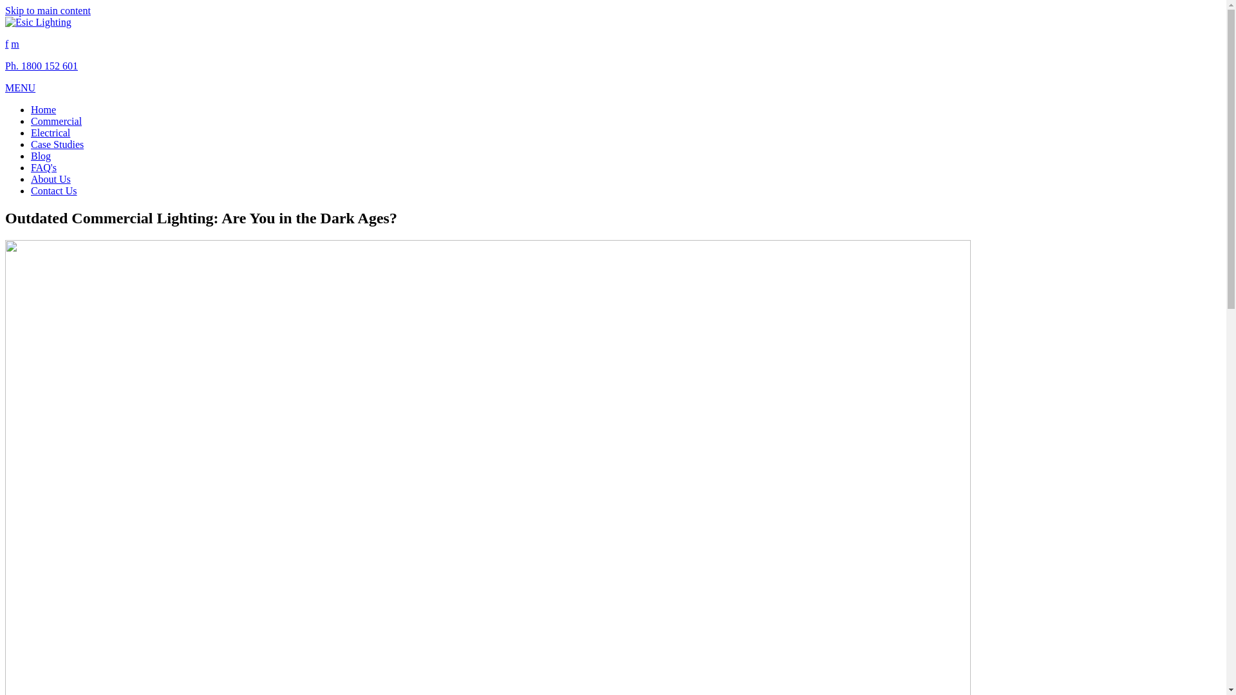 The height and width of the screenshot is (695, 1236). I want to click on 'MENU', so click(20, 87).